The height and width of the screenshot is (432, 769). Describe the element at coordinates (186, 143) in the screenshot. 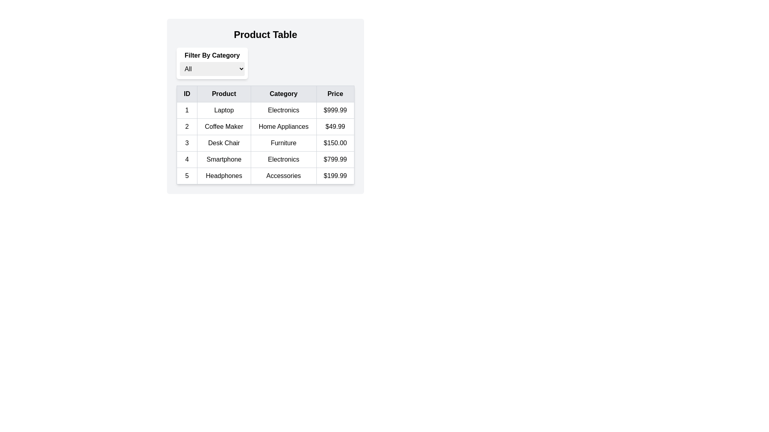

I see `the static text cell displaying the ID number in the leftmost column of the third row in the table` at that location.